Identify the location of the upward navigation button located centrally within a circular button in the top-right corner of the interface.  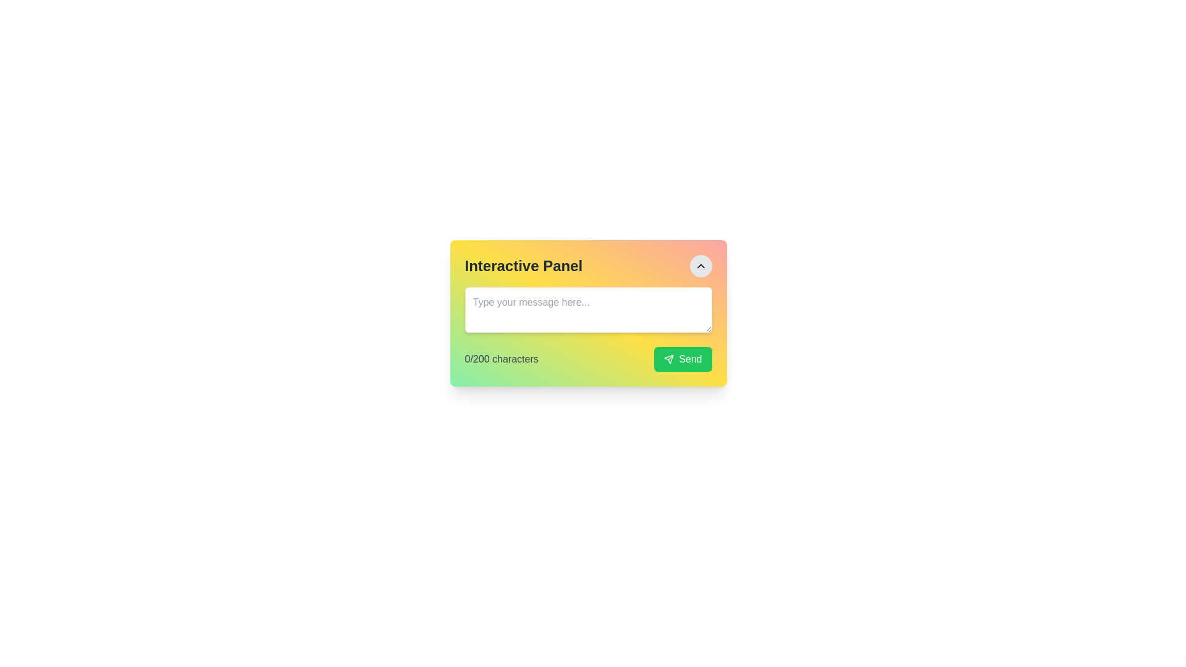
(700, 266).